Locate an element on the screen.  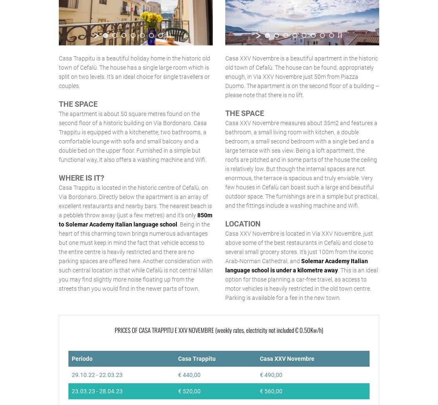
'. Being in the heart of this charming town brings numerous advantages but one must keep in mind the fact that vehicle access to the entire centre is heavily restricted and there are no parking spaces are offered here. Another consideration with such central location is that while Cefalù is not central Milan you may find slightly more noise floating up from the streets than you would find in the newer parts of town.' is located at coordinates (136, 255).